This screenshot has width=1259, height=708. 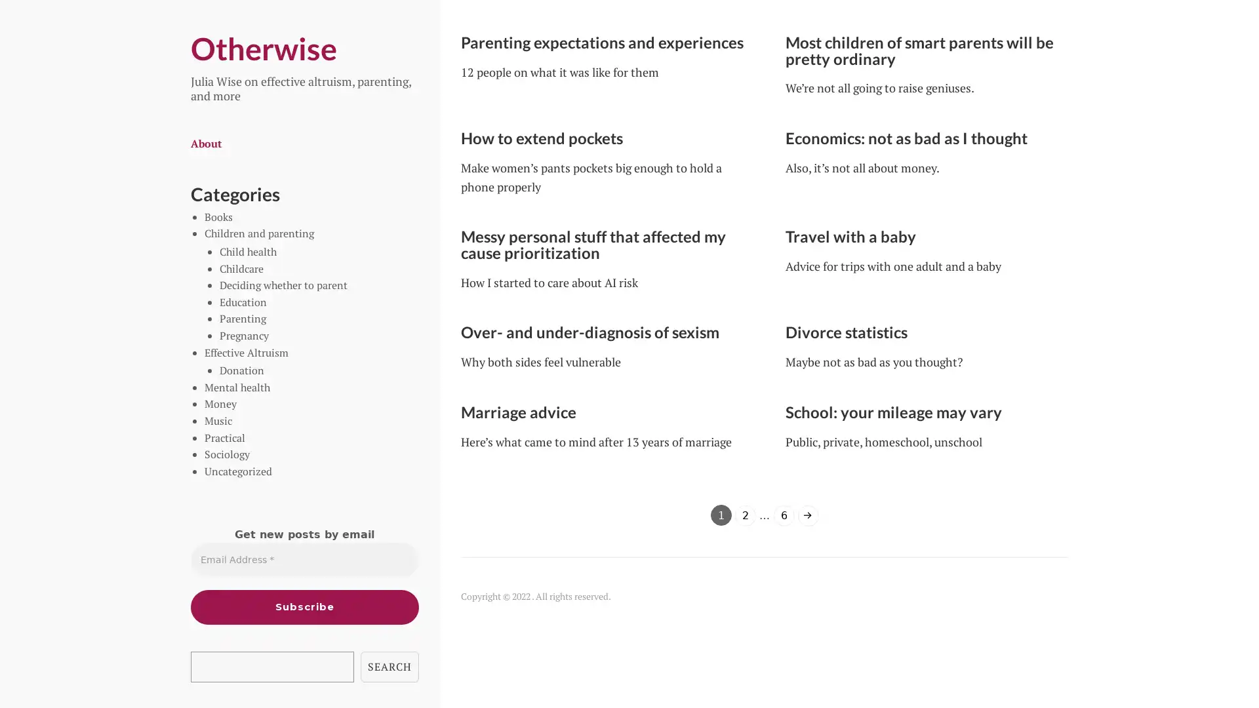 What do you see at coordinates (389, 667) in the screenshot?
I see `SEARCH` at bounding box center [389, 667].